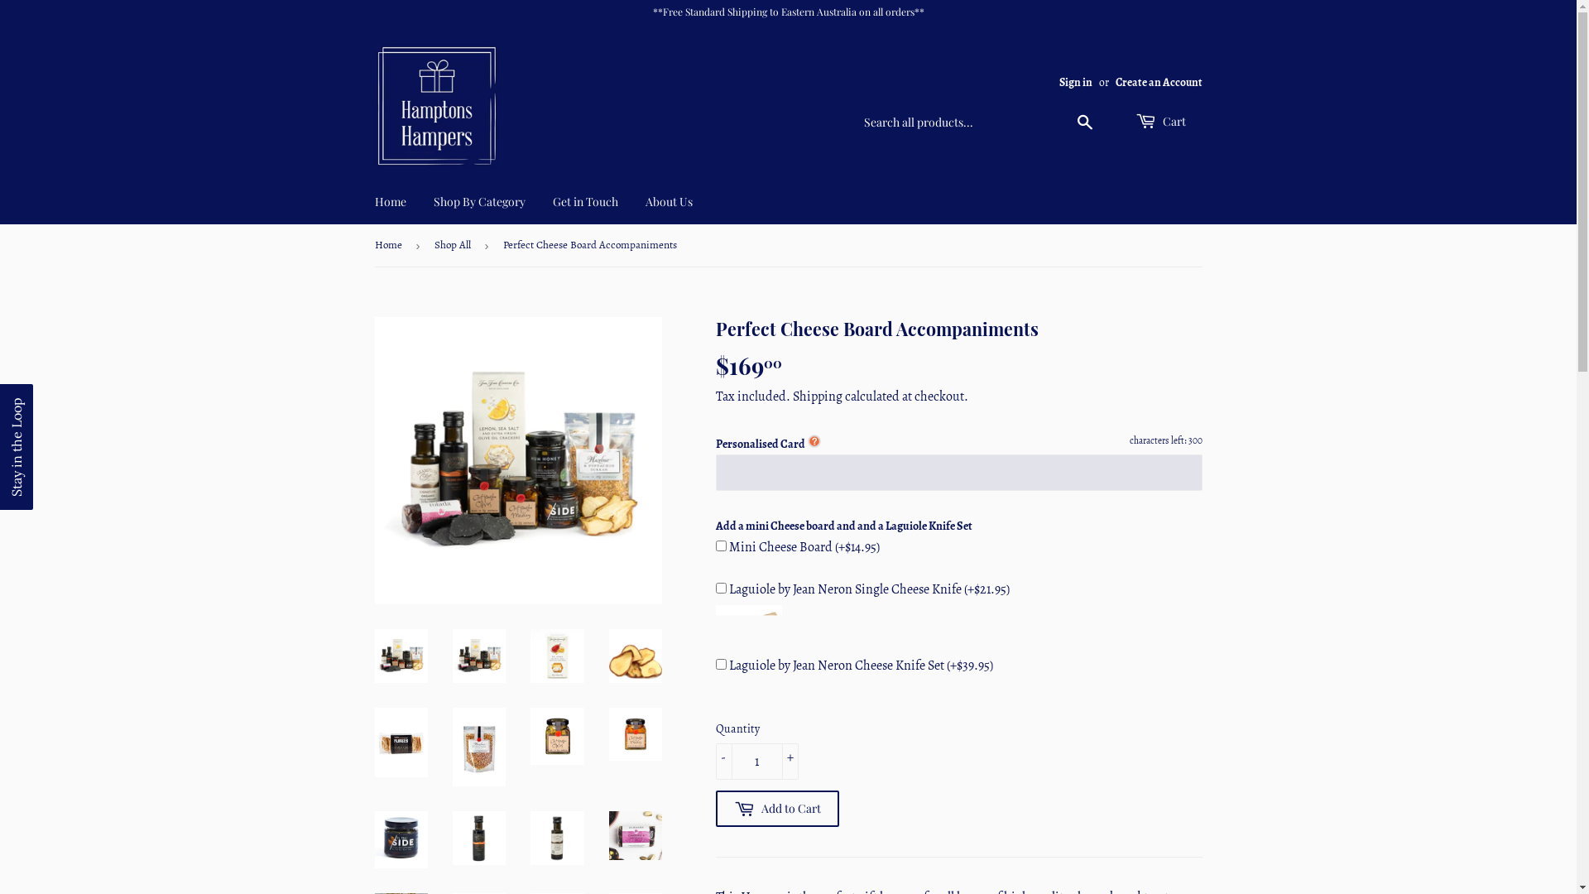  I want to click on 'Home', so click(389, 221).